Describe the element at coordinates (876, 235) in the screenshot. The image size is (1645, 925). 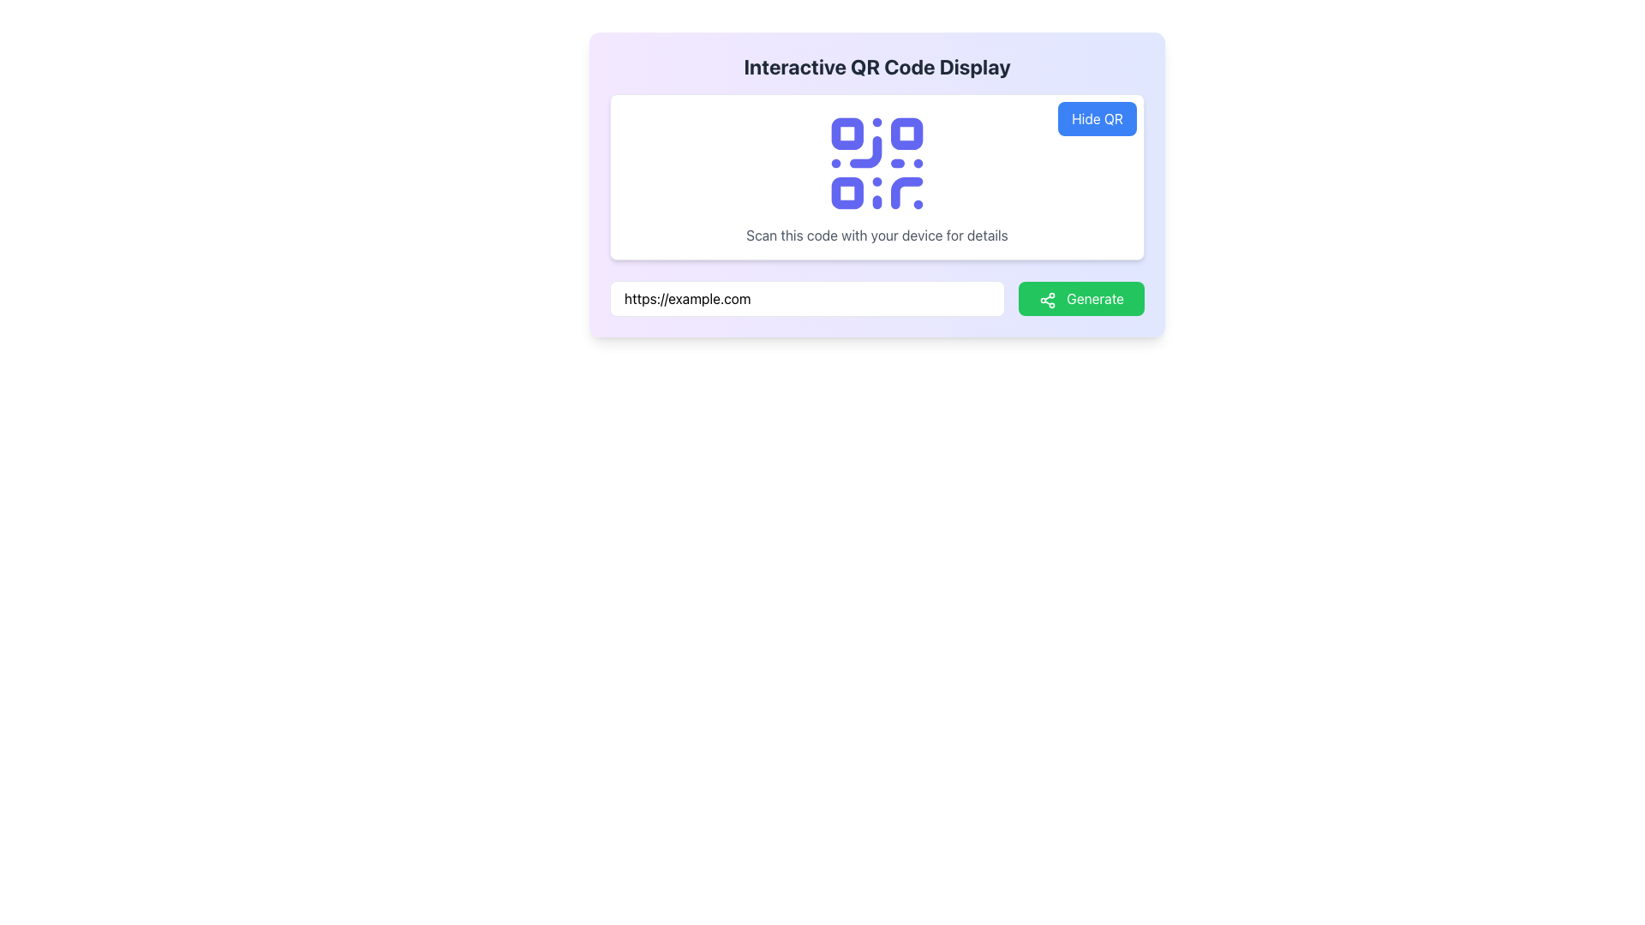
I see `the instruction Text label that directs users to scan the QR code above it` at that location.